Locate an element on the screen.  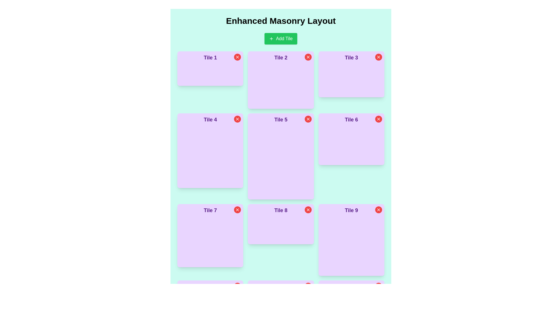
the 'close' button (red circular background with white 'X') located at the top-right corner of 'Tile 3' for keyboard accessibility is located at coordinates (378, 57).